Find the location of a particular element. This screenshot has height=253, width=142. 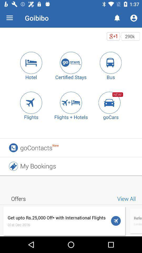

instead of flights put one ways or round trips is located at coordinates (31, 102).